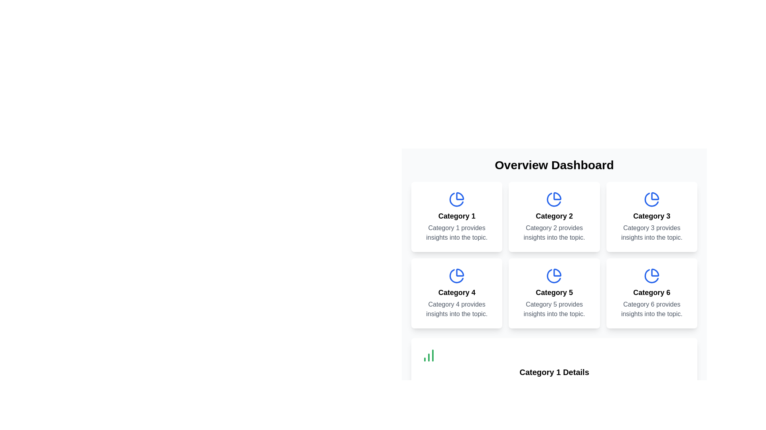 Image resolution: width=766 pixels, height=430 pixels. I want to click on the top-right quarter segment of the pie chart icon, which is part of the first card labeled 'Category 1' in the 'Overview Dashboard', so click(460, 196).